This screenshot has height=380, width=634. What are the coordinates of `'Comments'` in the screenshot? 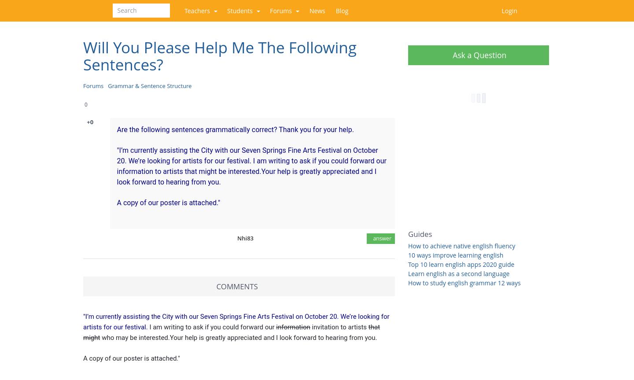 It's located at (216, 285).